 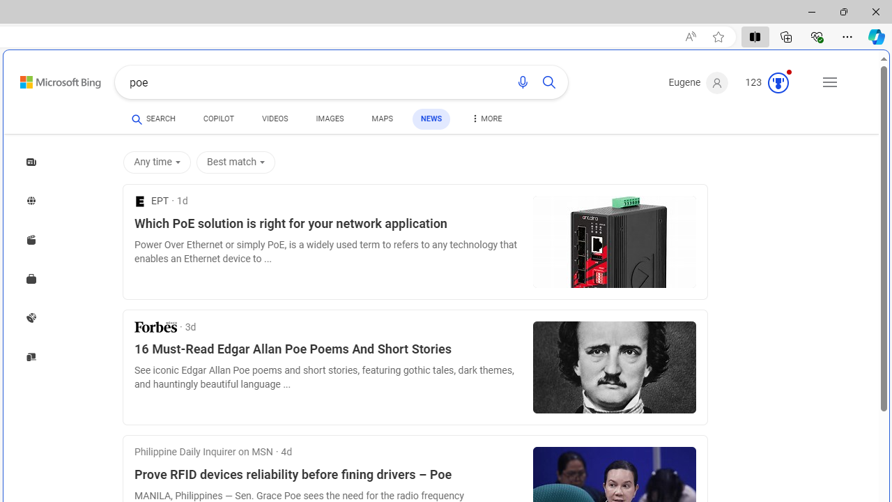 I want to click on 'Any time', so click(x=160, y=161).